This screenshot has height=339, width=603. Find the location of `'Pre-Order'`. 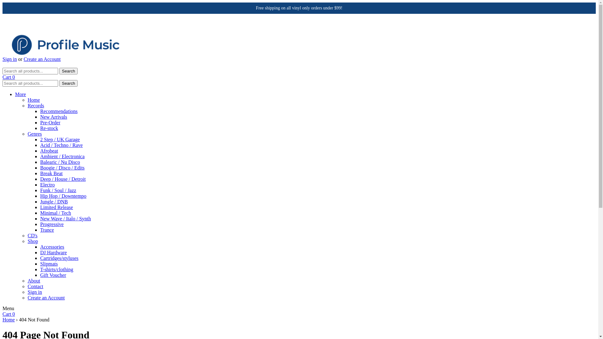

'Pre-Order' is located at coordinates (40, 122).